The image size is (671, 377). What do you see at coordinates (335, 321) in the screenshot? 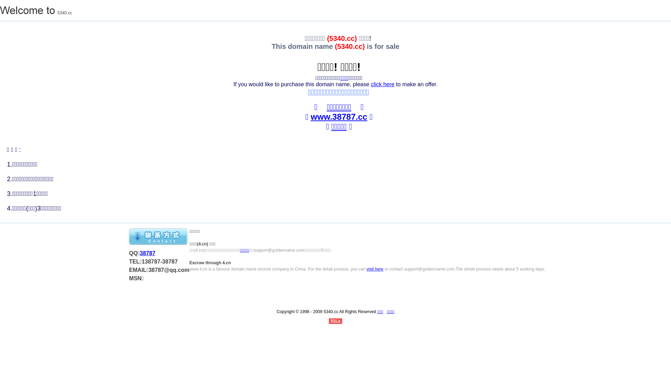
I see `'51La'` at bounding box center [335, 321].